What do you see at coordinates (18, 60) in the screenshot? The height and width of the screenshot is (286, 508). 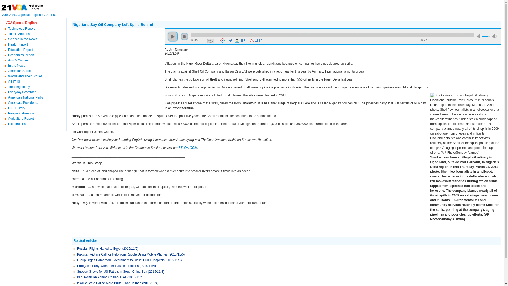 I see `'Arts & Culture'` at bounding box center [18, 60].